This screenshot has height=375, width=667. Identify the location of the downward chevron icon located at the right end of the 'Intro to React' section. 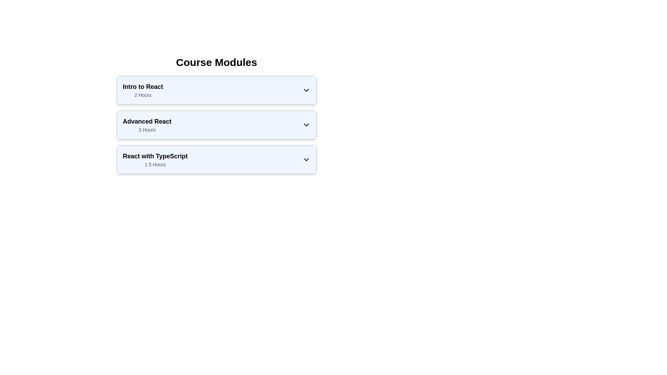
(306, 90).